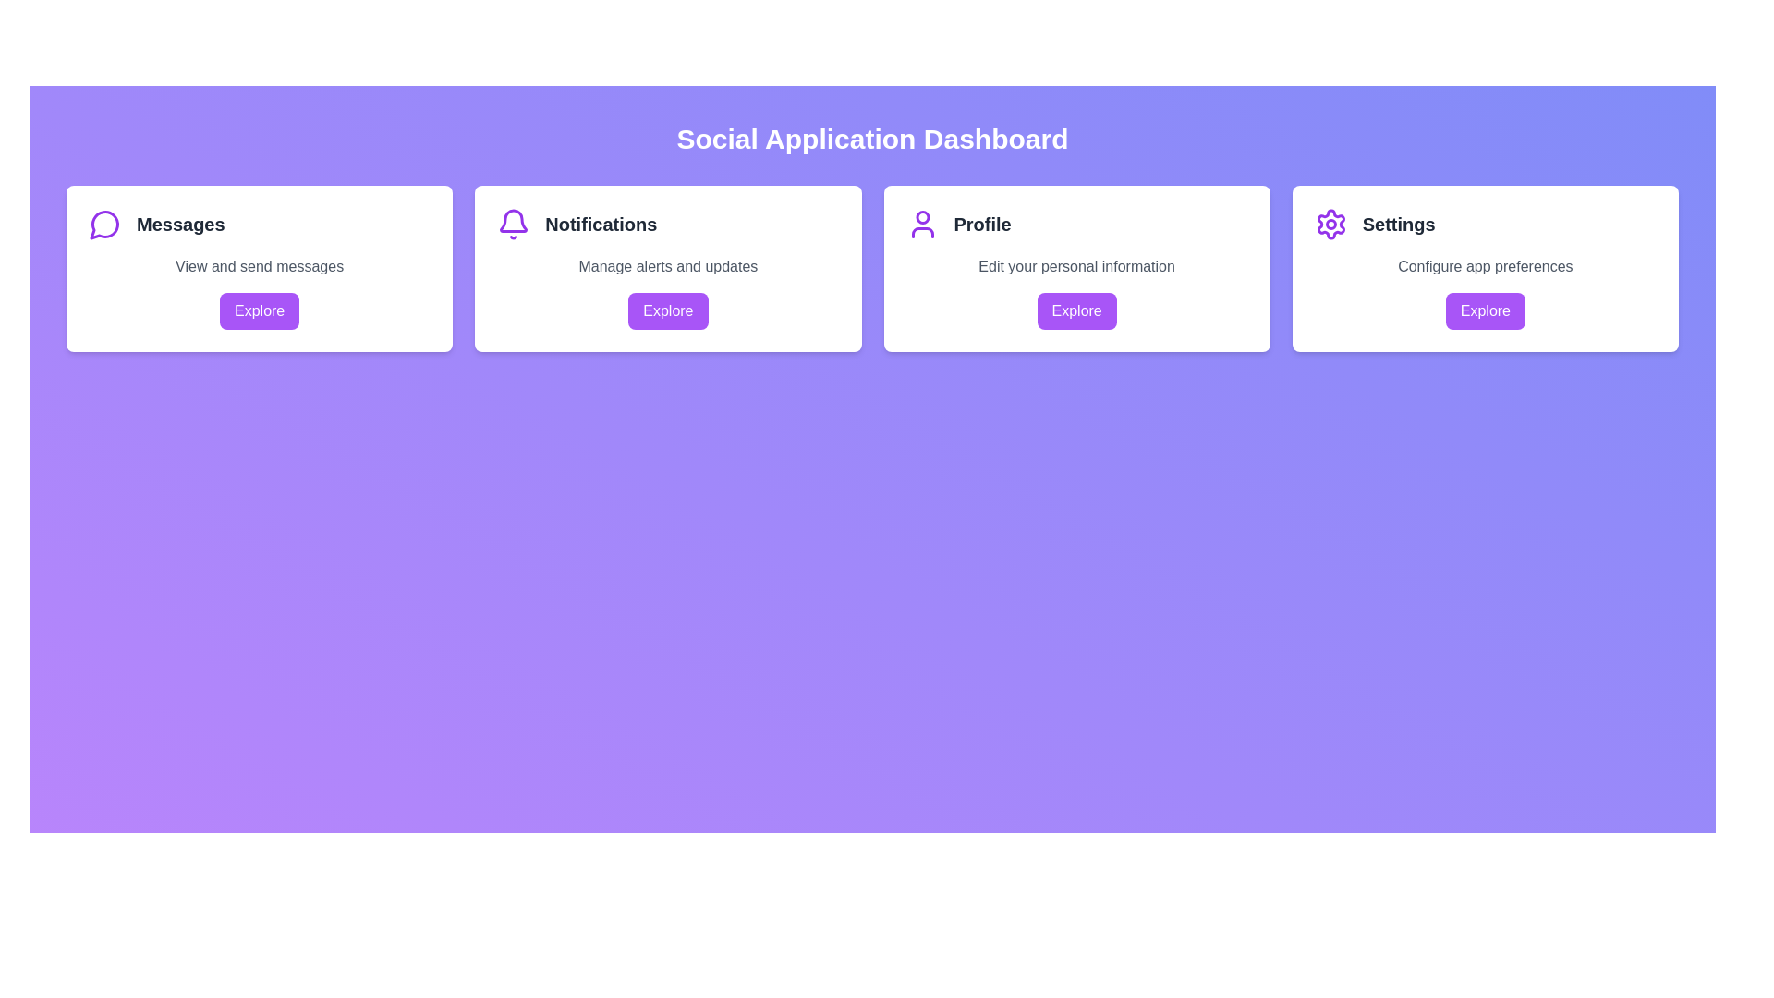 Image resolution: width=1774 pixels, height=998 pixels. What do you see at coordinates (180, 224) in the screenshot?
I see `the 'Messages' section header located in the upper-left card of the interface, which is positioned immediately to the right of the speech bubble icon` at bounding box center [180, 224].